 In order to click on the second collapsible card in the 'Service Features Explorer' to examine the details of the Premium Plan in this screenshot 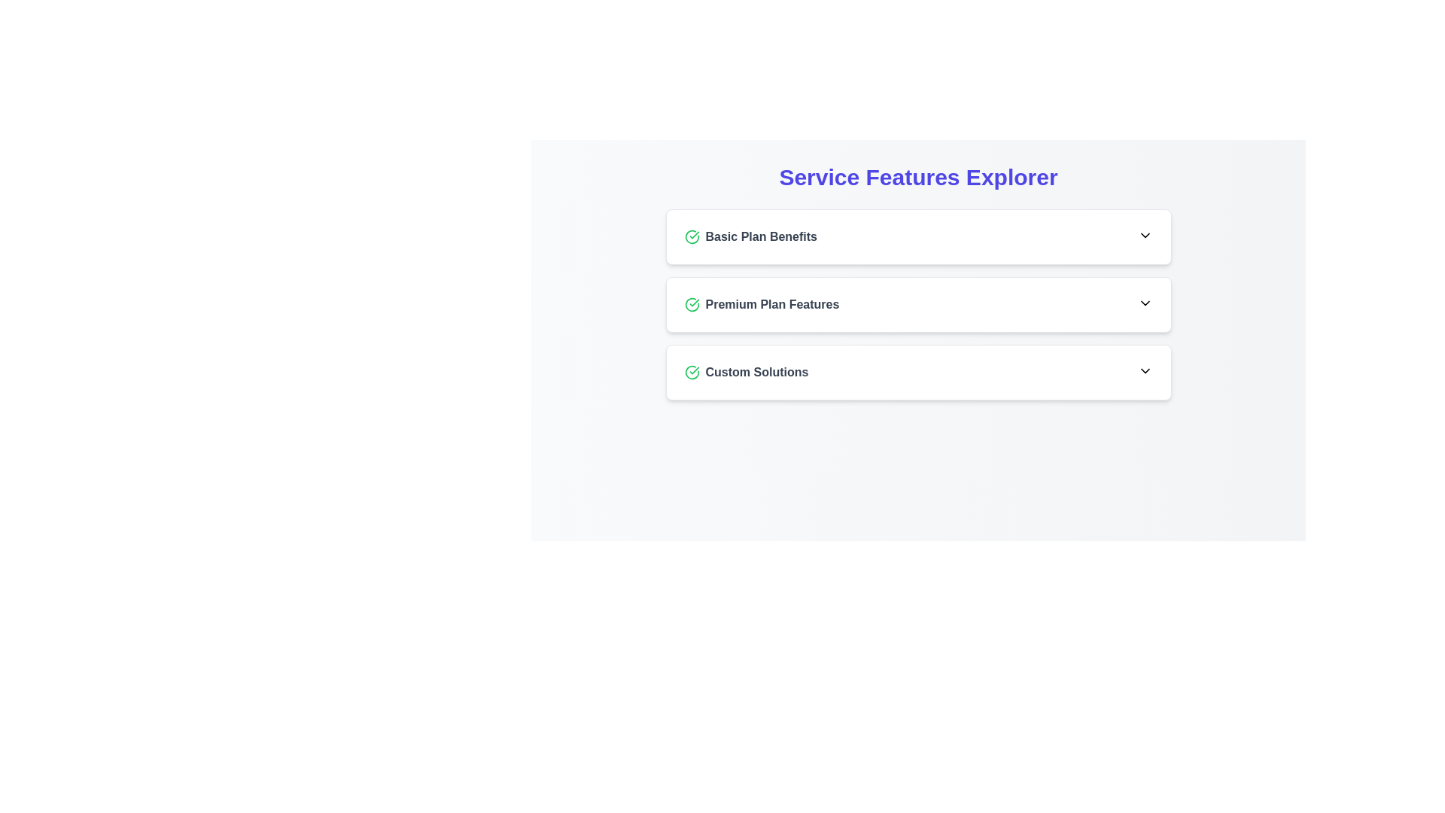, I will do `click(917, 305)`.